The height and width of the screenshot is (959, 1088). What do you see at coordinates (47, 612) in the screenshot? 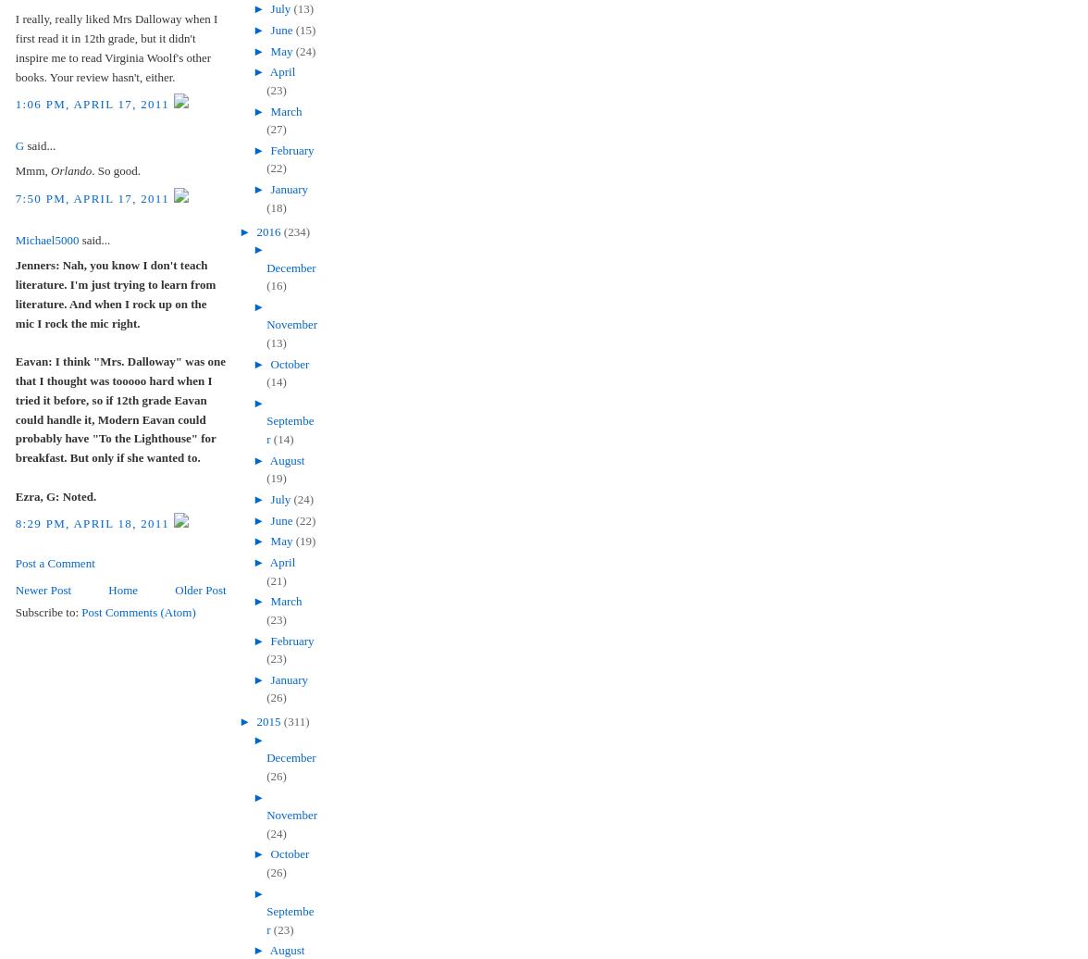
I see `'Subscribe to:'` at bounding box center [47, 612].